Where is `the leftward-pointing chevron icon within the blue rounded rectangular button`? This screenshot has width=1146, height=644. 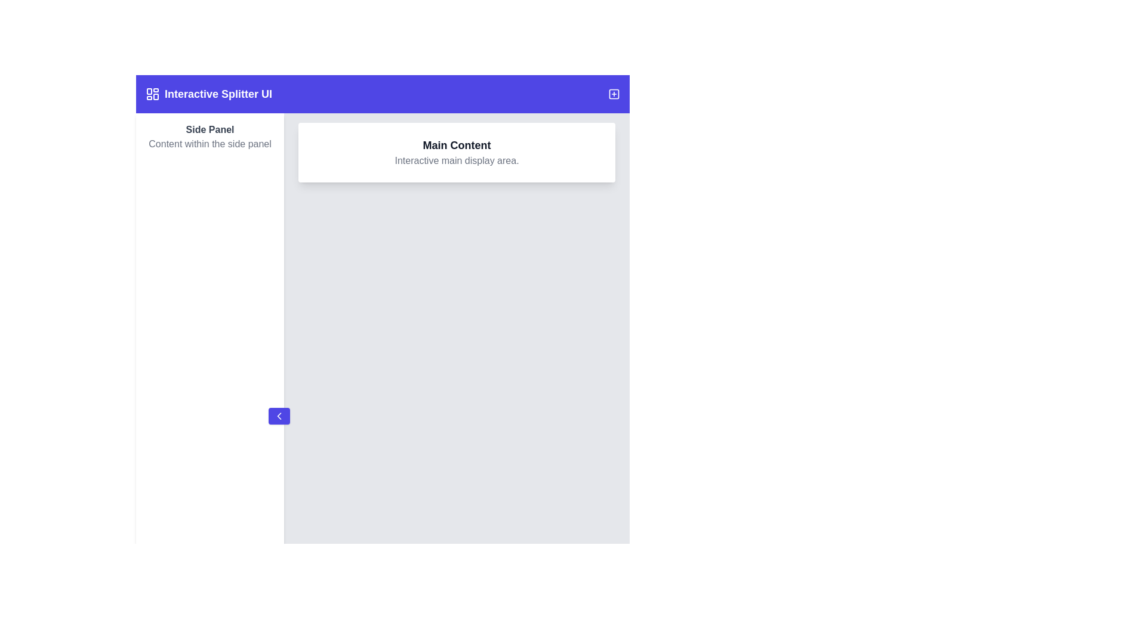 the leftward-pointing chevron icon within the blue rounded rectangular button is located at coordinates (279, 416).